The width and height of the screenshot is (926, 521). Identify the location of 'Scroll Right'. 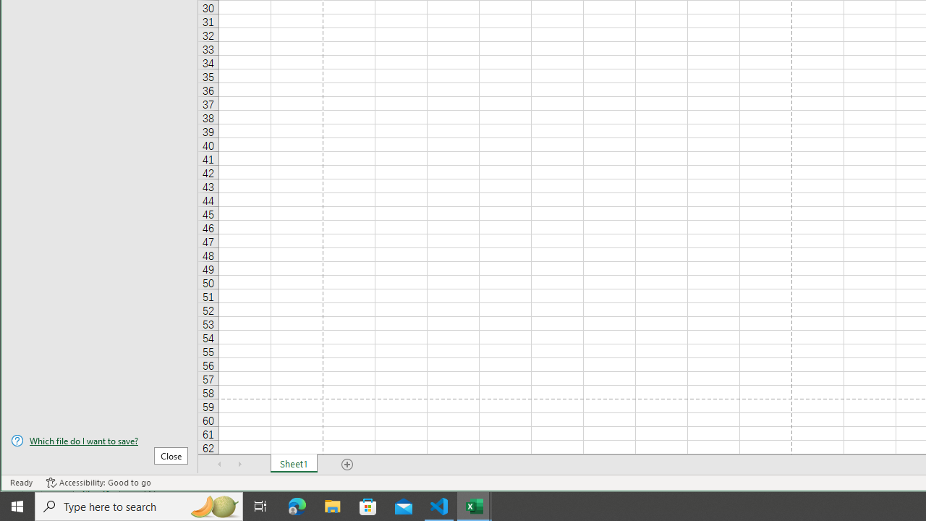
(239, 464).